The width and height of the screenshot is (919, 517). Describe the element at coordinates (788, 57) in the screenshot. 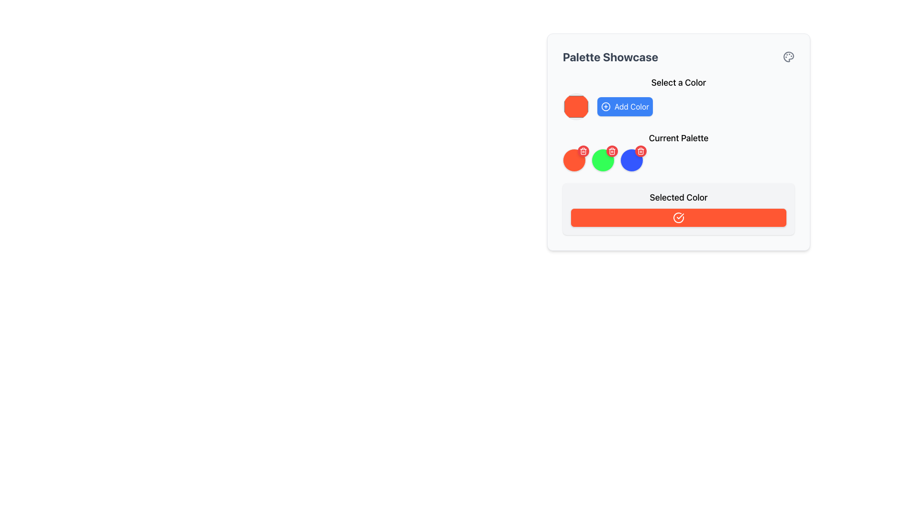

I see `the paint palette icon located in the top-right corner of the color selector panel, which symbolizes color selection functionalities` at that location.